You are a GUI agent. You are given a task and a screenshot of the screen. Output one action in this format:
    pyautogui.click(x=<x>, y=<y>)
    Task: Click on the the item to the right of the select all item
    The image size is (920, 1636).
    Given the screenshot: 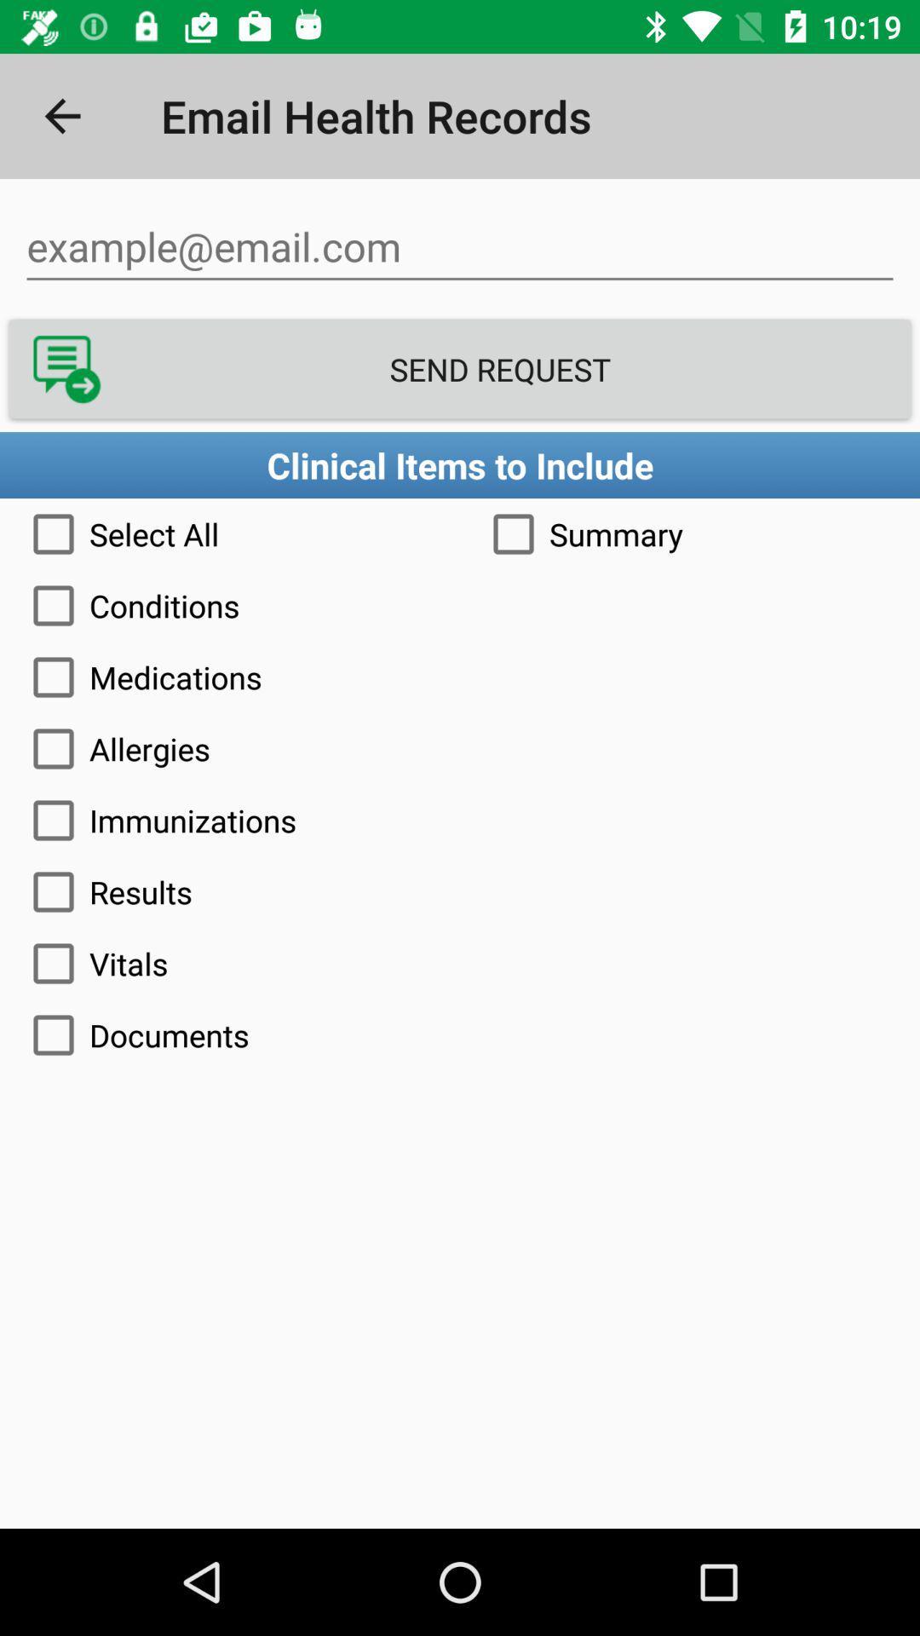 What is the action you would take?
    pyautogui.click(x=690, y=533)
    